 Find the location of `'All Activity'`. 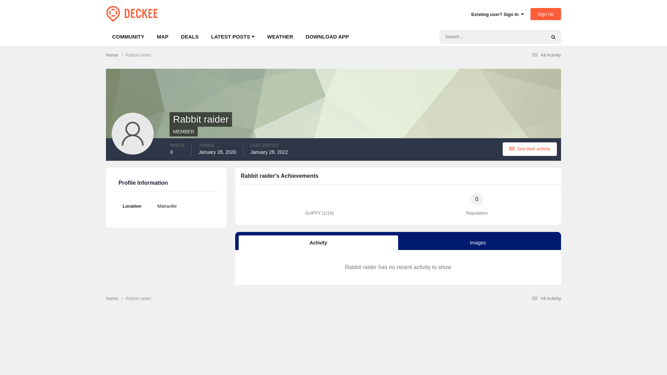

'All Activity' is located at coordinates (545, 298).